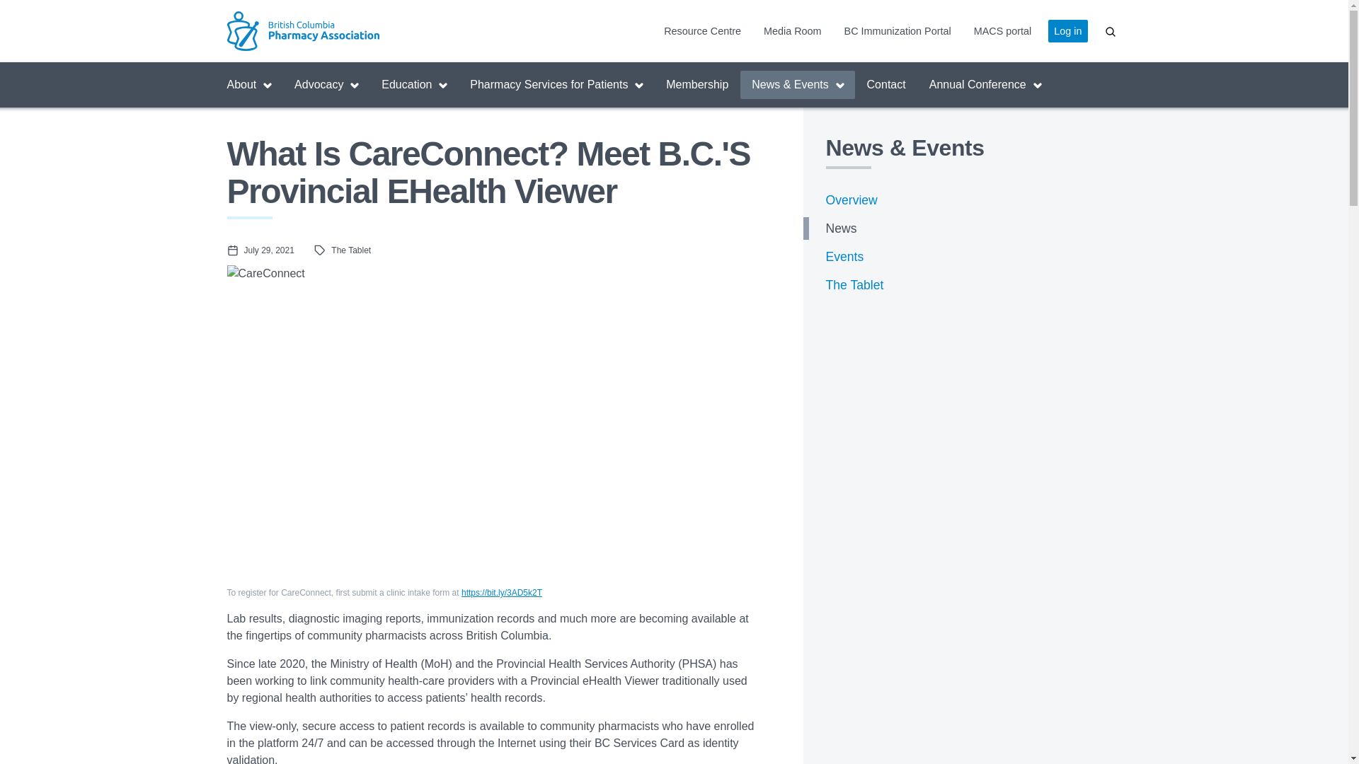 The image size is (1359, 764). Describe the element at coordinates (885, 84) in the screenshot. I see `'Contact'` at that location.